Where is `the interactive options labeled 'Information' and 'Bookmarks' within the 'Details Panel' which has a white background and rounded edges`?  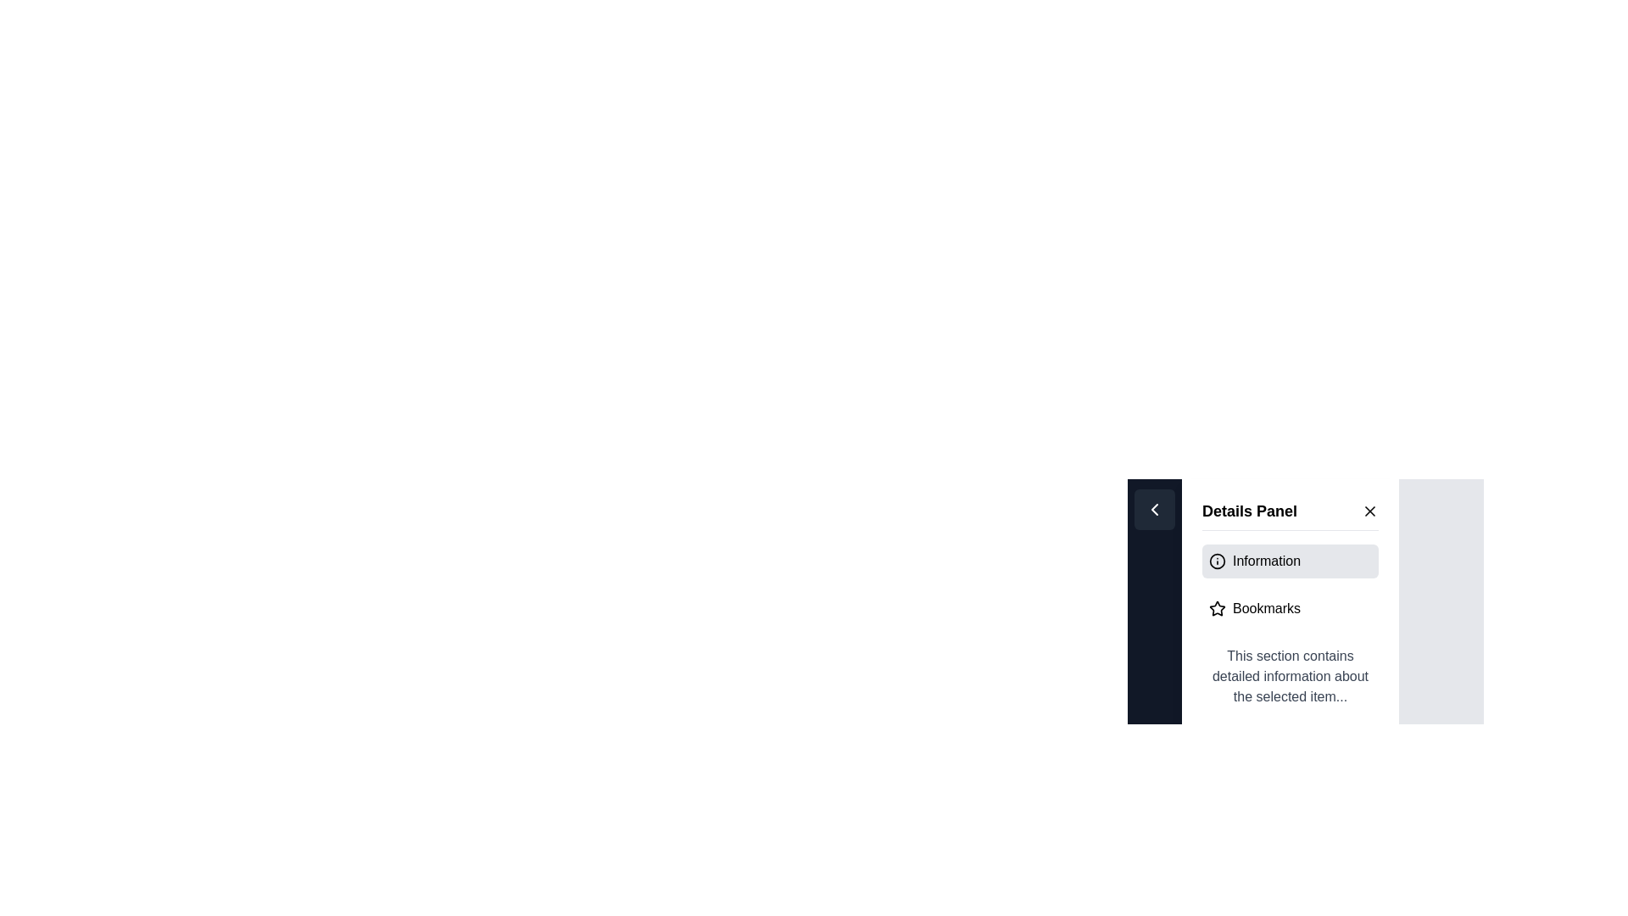
the interactive options labeled 'Information' and 'Bookmarks' within the 'Details Panel' which has a white background and rounded edges is located at coordinates (1305, 590).